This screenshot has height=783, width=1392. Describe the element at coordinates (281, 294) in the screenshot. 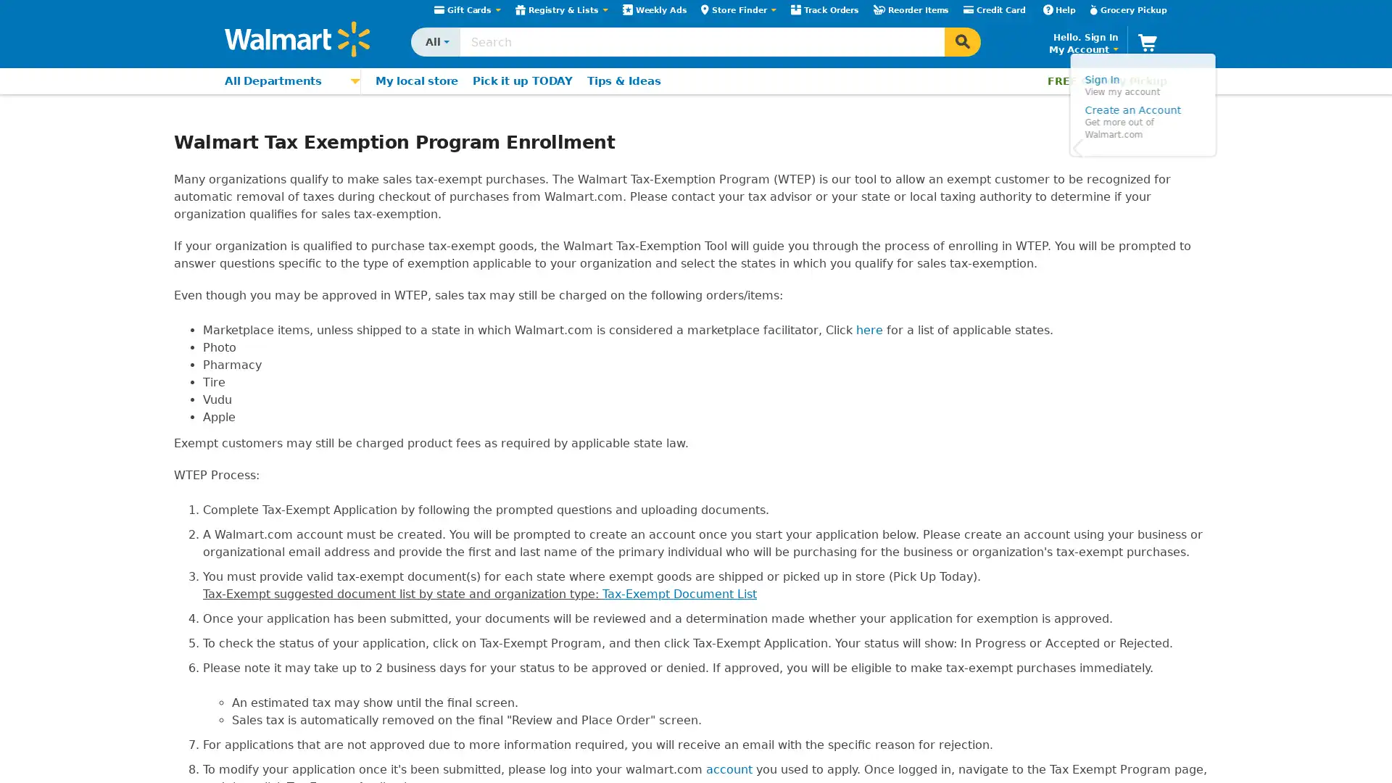

I see `Food, Household & Pets` at that location.